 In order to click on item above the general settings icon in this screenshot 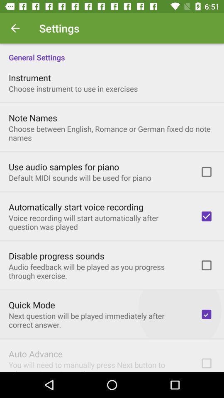, I will do `click(15, 28)`.